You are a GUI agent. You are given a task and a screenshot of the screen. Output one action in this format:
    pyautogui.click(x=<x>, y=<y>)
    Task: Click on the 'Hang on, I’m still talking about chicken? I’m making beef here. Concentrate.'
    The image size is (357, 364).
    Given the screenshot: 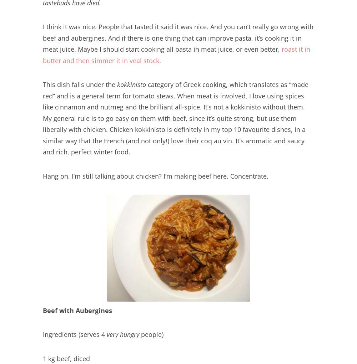 What is the action you would take?
    pyautogui.click(x=156, y=175)
    